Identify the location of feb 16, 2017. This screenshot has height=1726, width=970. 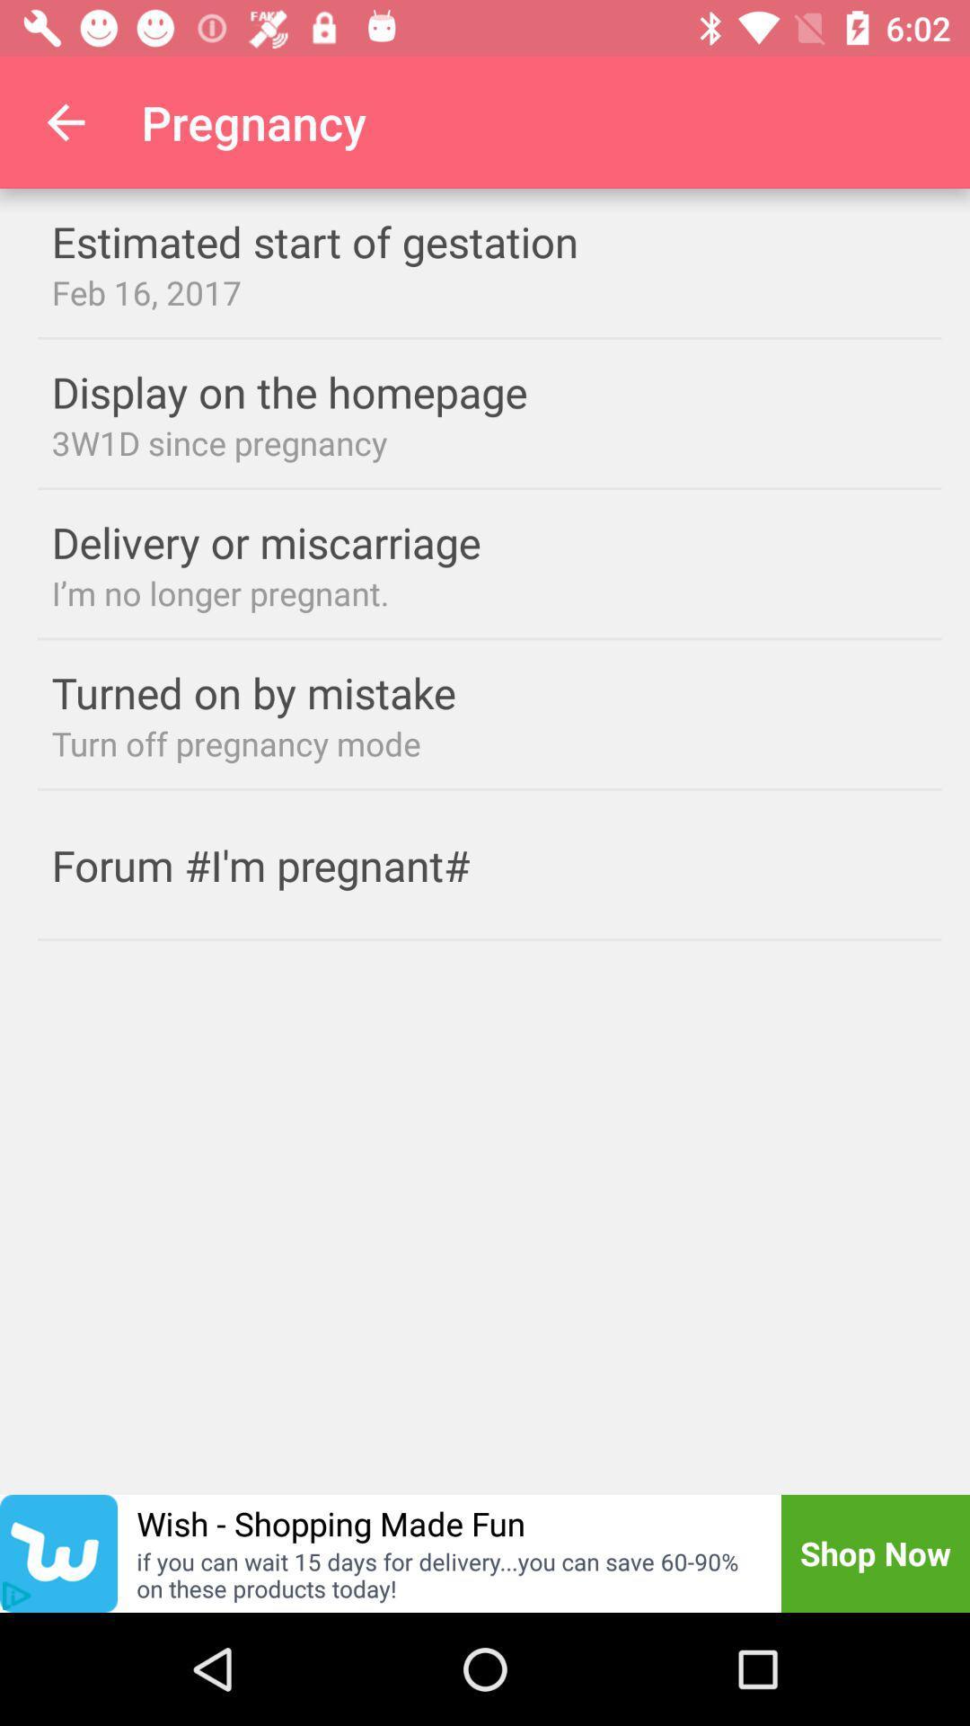
(489, 292).